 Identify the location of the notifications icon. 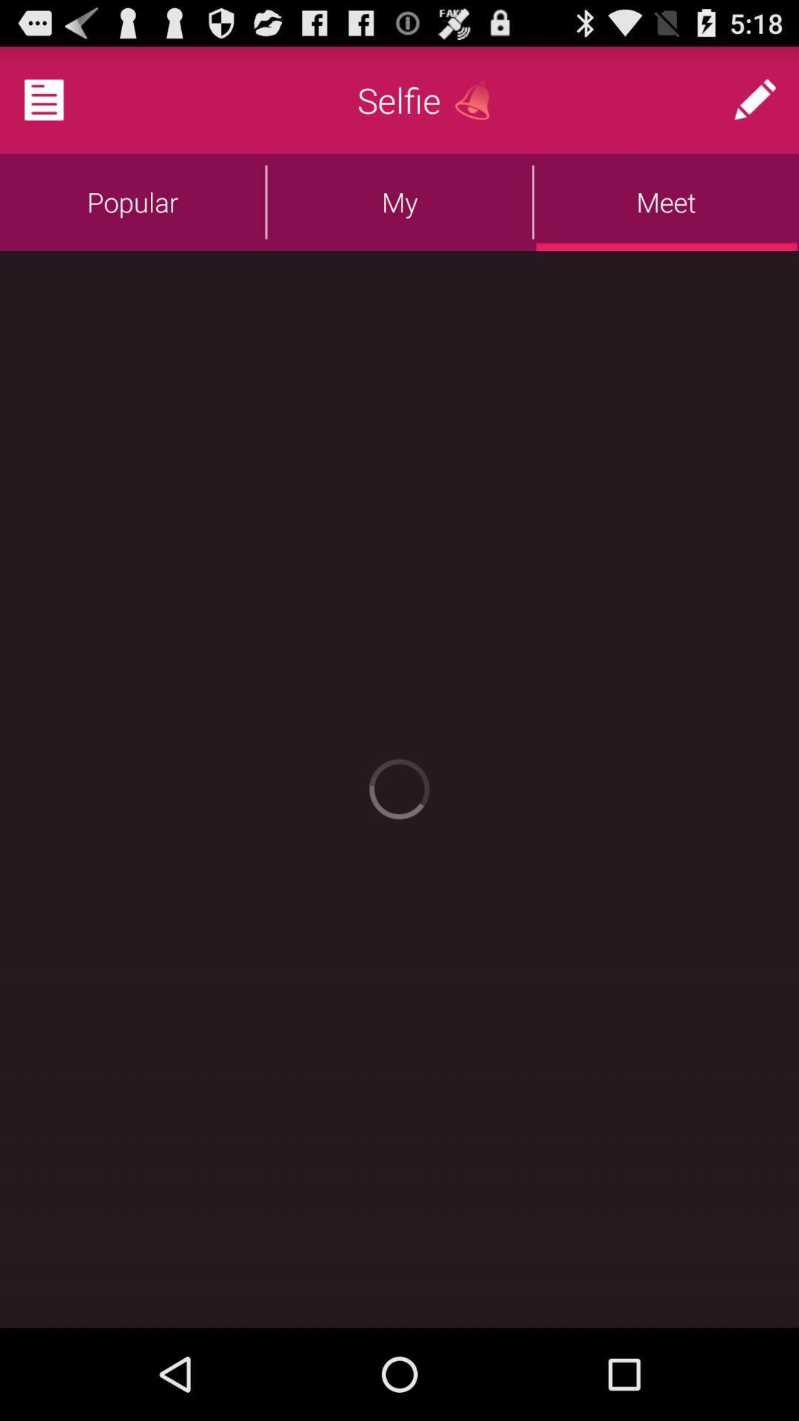
(478, 106).